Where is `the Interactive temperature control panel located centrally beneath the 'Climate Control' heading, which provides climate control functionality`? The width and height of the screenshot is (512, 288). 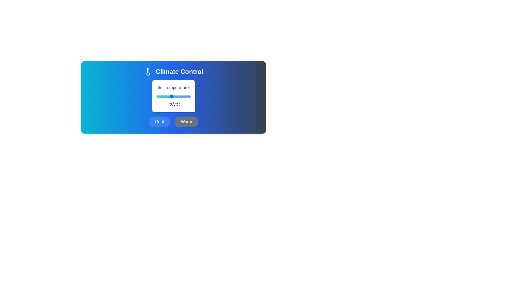
the Interactive temperature control panel located centrally beneath the 'Climate Control' heading, which provides climate control functionality is located at coordinates (174, 97).